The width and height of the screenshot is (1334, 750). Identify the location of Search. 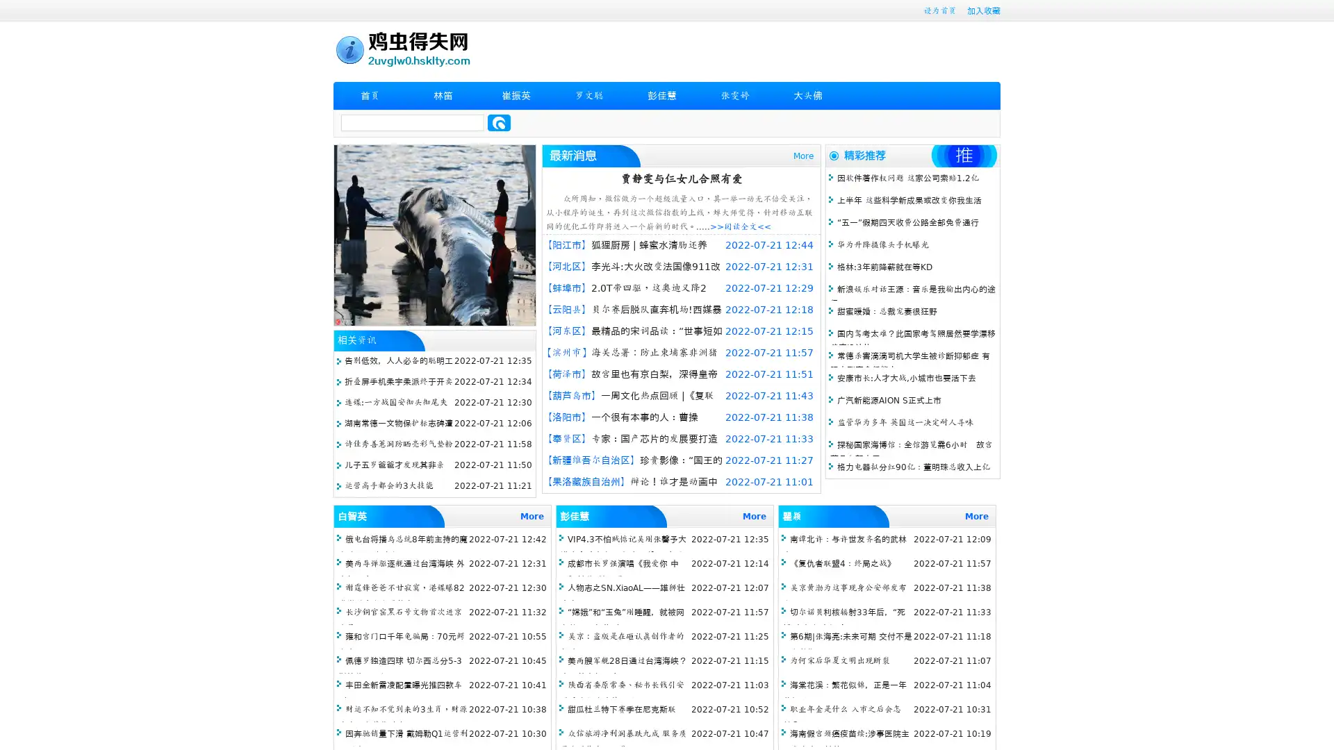
(499, 122).